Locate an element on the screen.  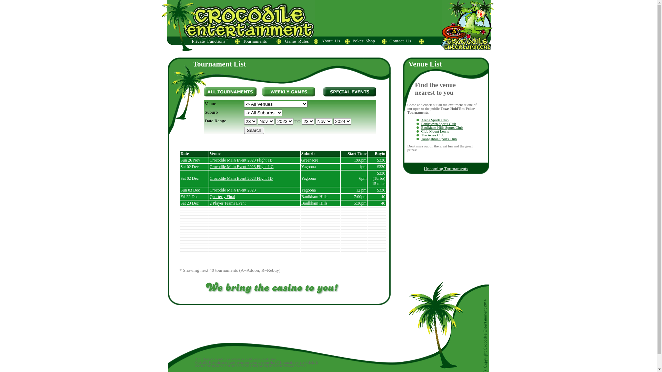
'2 Player Teams Event' is located at coordinates (228, 203).